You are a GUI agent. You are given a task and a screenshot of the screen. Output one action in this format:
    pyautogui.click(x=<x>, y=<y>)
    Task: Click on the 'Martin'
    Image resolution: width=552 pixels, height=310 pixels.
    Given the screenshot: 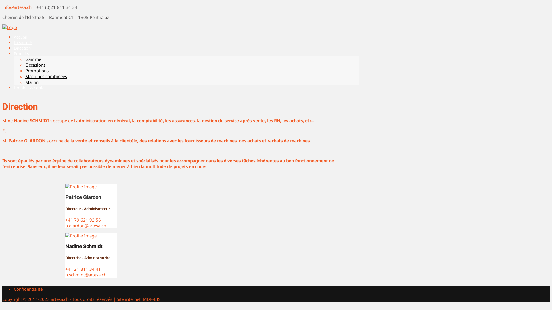 What is the action you would take?
    pyautogui.click(x=31, y=82)
    